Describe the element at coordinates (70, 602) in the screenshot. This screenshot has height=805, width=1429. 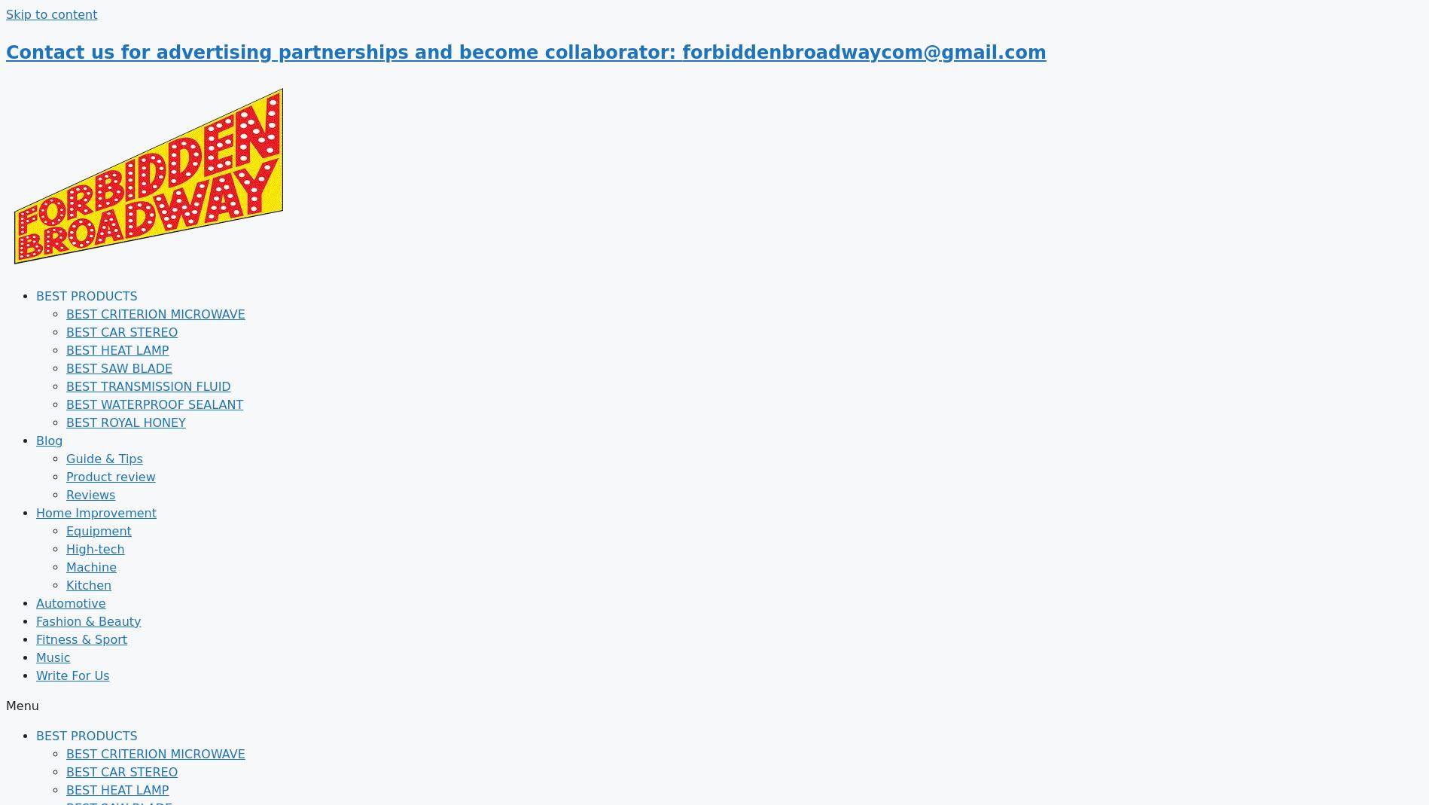
I see `'Automotive'` at that location.